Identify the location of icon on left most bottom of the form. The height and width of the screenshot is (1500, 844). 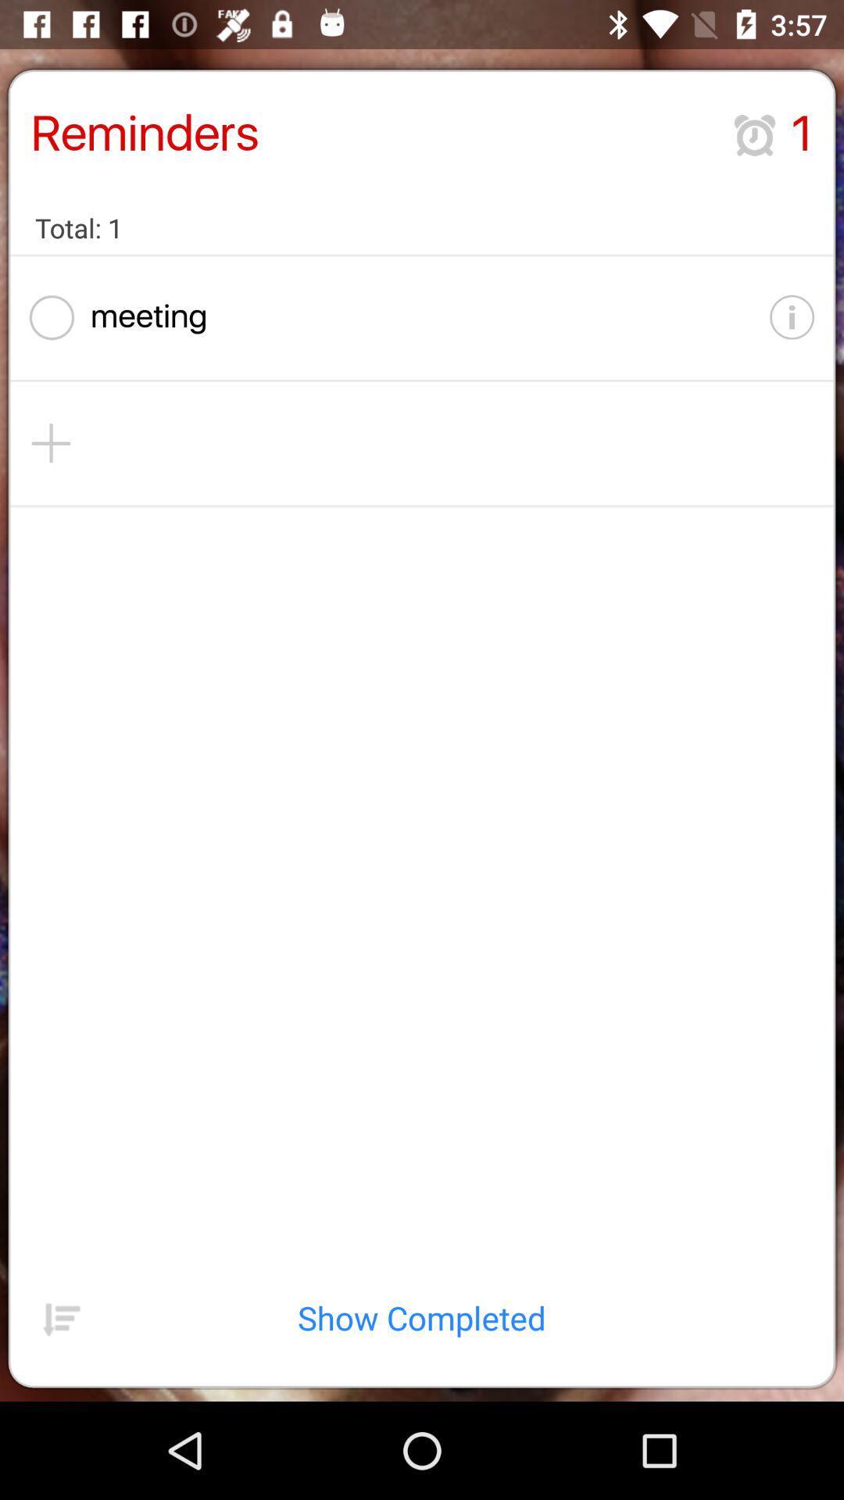
(61, 1317).